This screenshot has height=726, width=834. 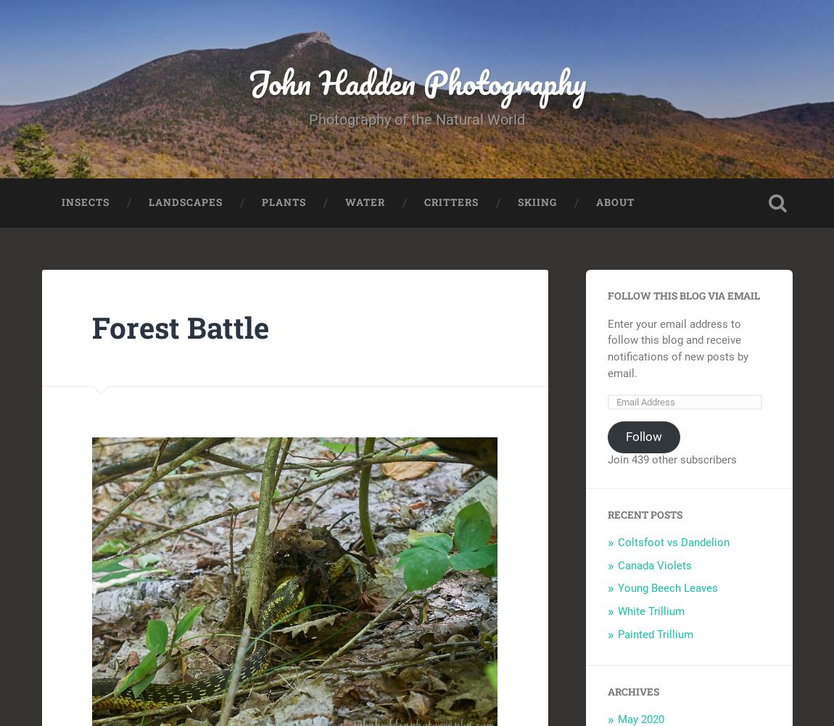 What do you see at coordinates (653, 564) in the screenshot?
I see `'Canada Violets'` at bounding box center [653, 564].